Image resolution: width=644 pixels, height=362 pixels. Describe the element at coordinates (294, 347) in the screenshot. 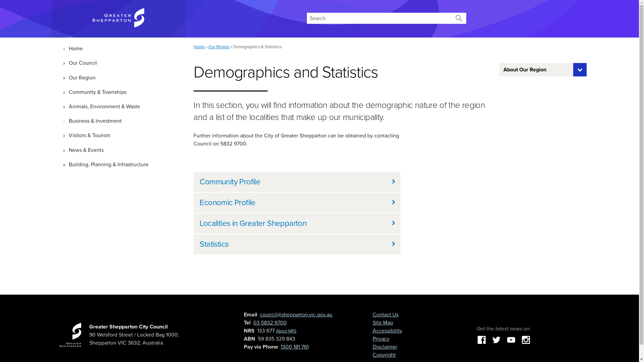

I see `'1300 181 761'` at that location.